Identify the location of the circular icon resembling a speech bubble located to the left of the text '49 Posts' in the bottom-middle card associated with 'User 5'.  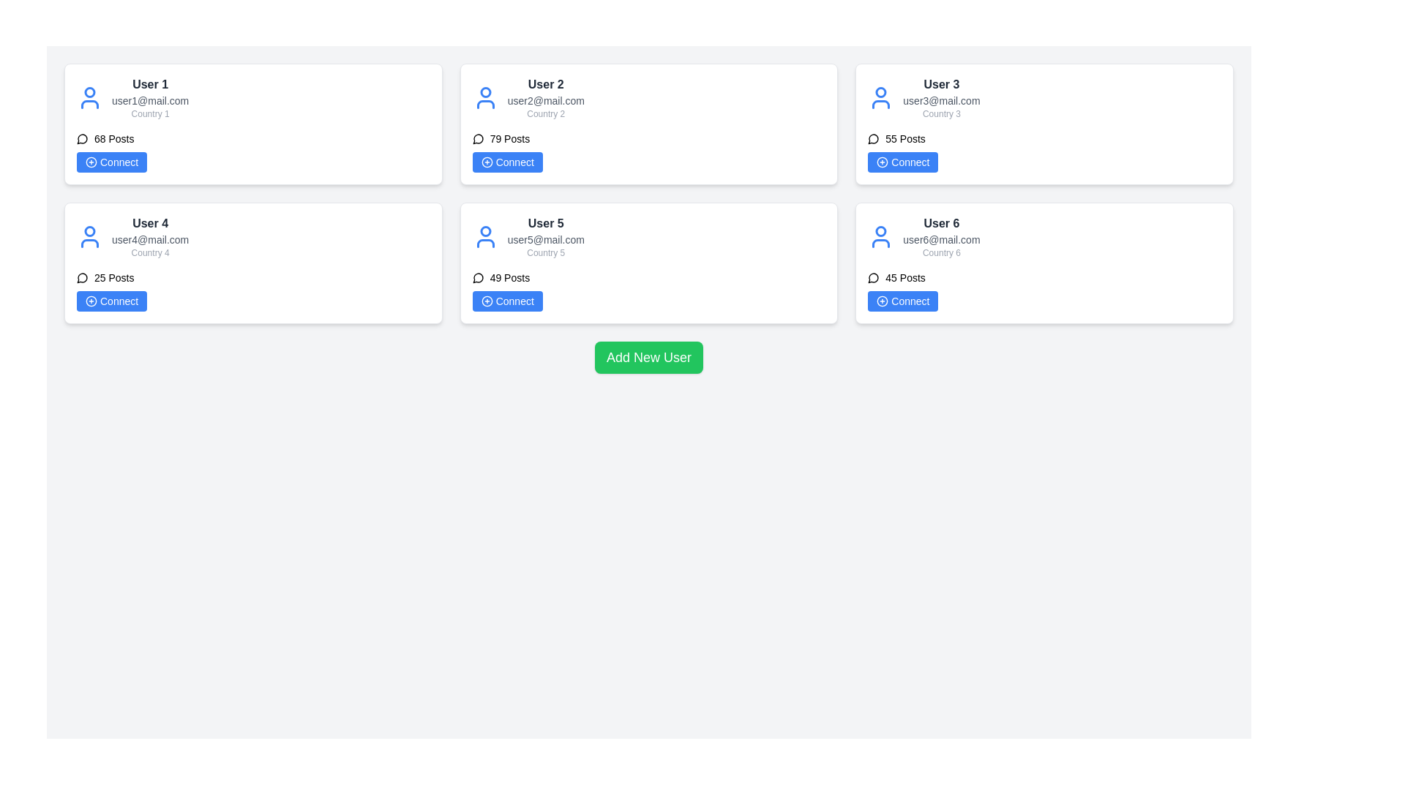
(478, 278).